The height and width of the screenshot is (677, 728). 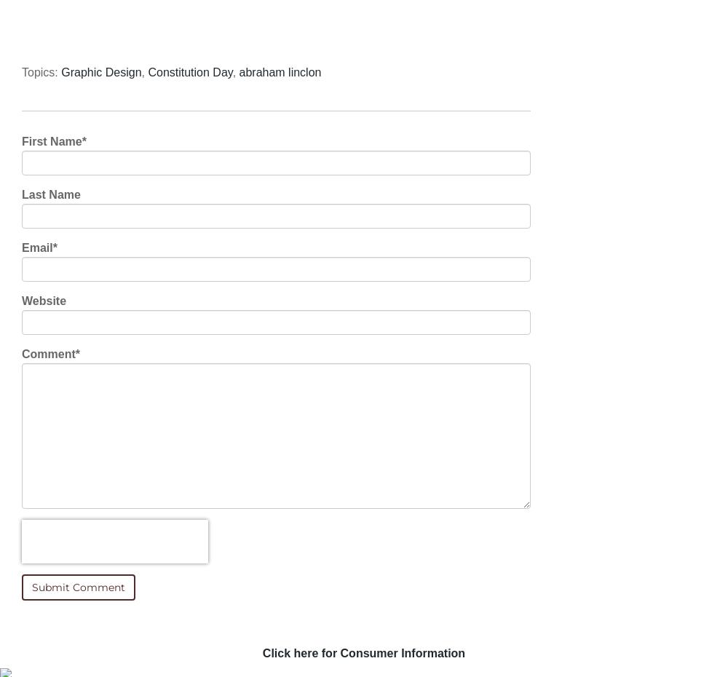 What do you see at coordinates (280, 72) in the screenshot?
I see `'abraham linclon'` at bounding box center [280, 72].